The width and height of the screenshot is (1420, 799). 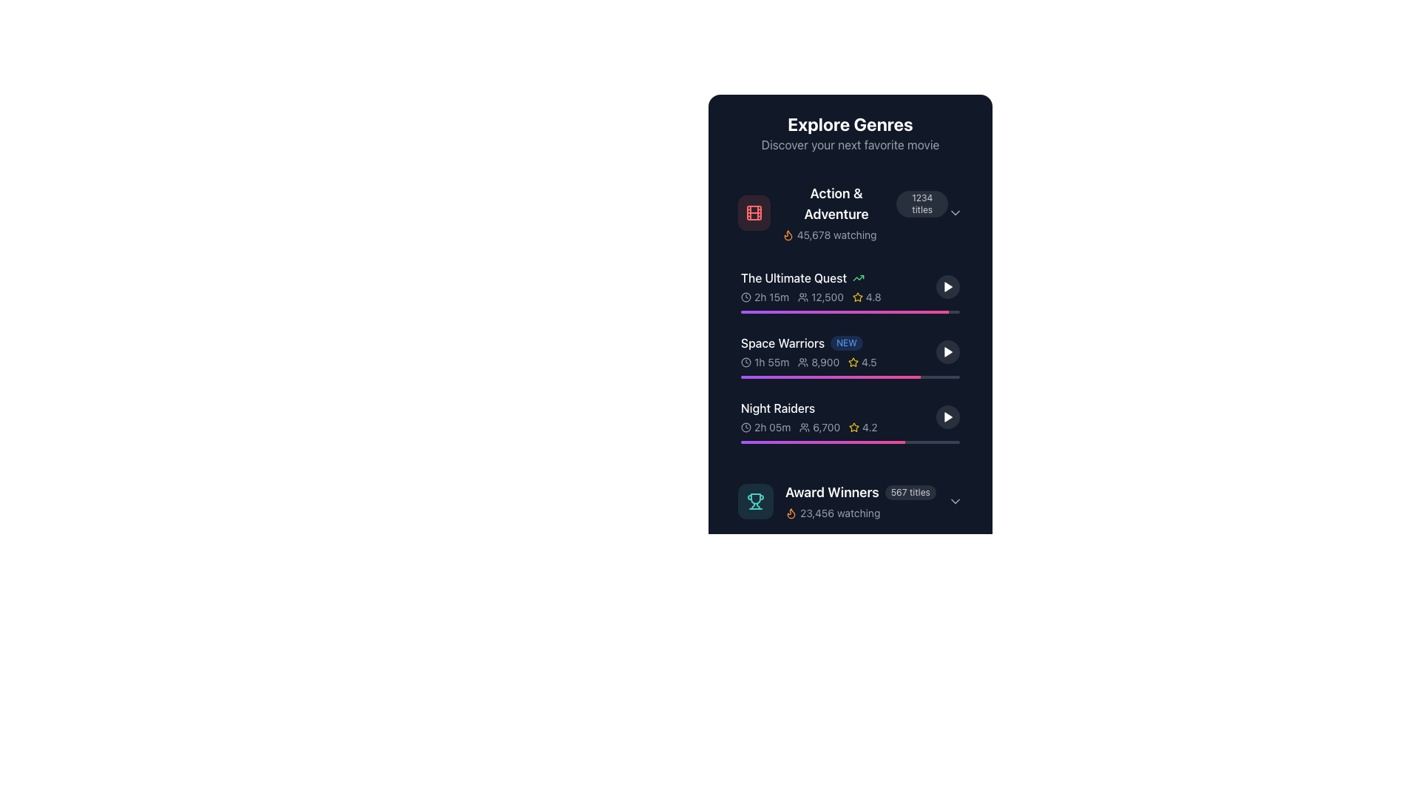 I want to click on the 'Action & Adventure' icon button, which represents the genre and is positioned to the left of the text 'Action & Adventure', so click(x=753, y=213).